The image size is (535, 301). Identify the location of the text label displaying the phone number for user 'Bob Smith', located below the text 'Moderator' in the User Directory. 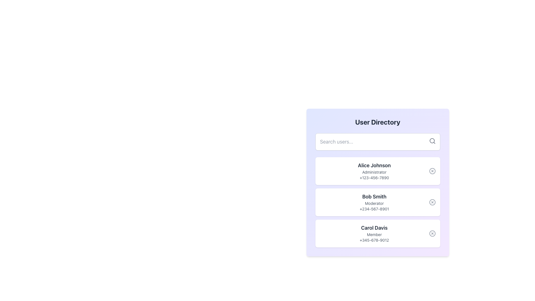
(374, 209).